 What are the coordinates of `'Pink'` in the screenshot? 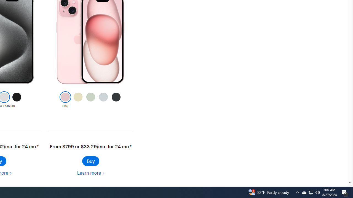 It's located at (65, 100).